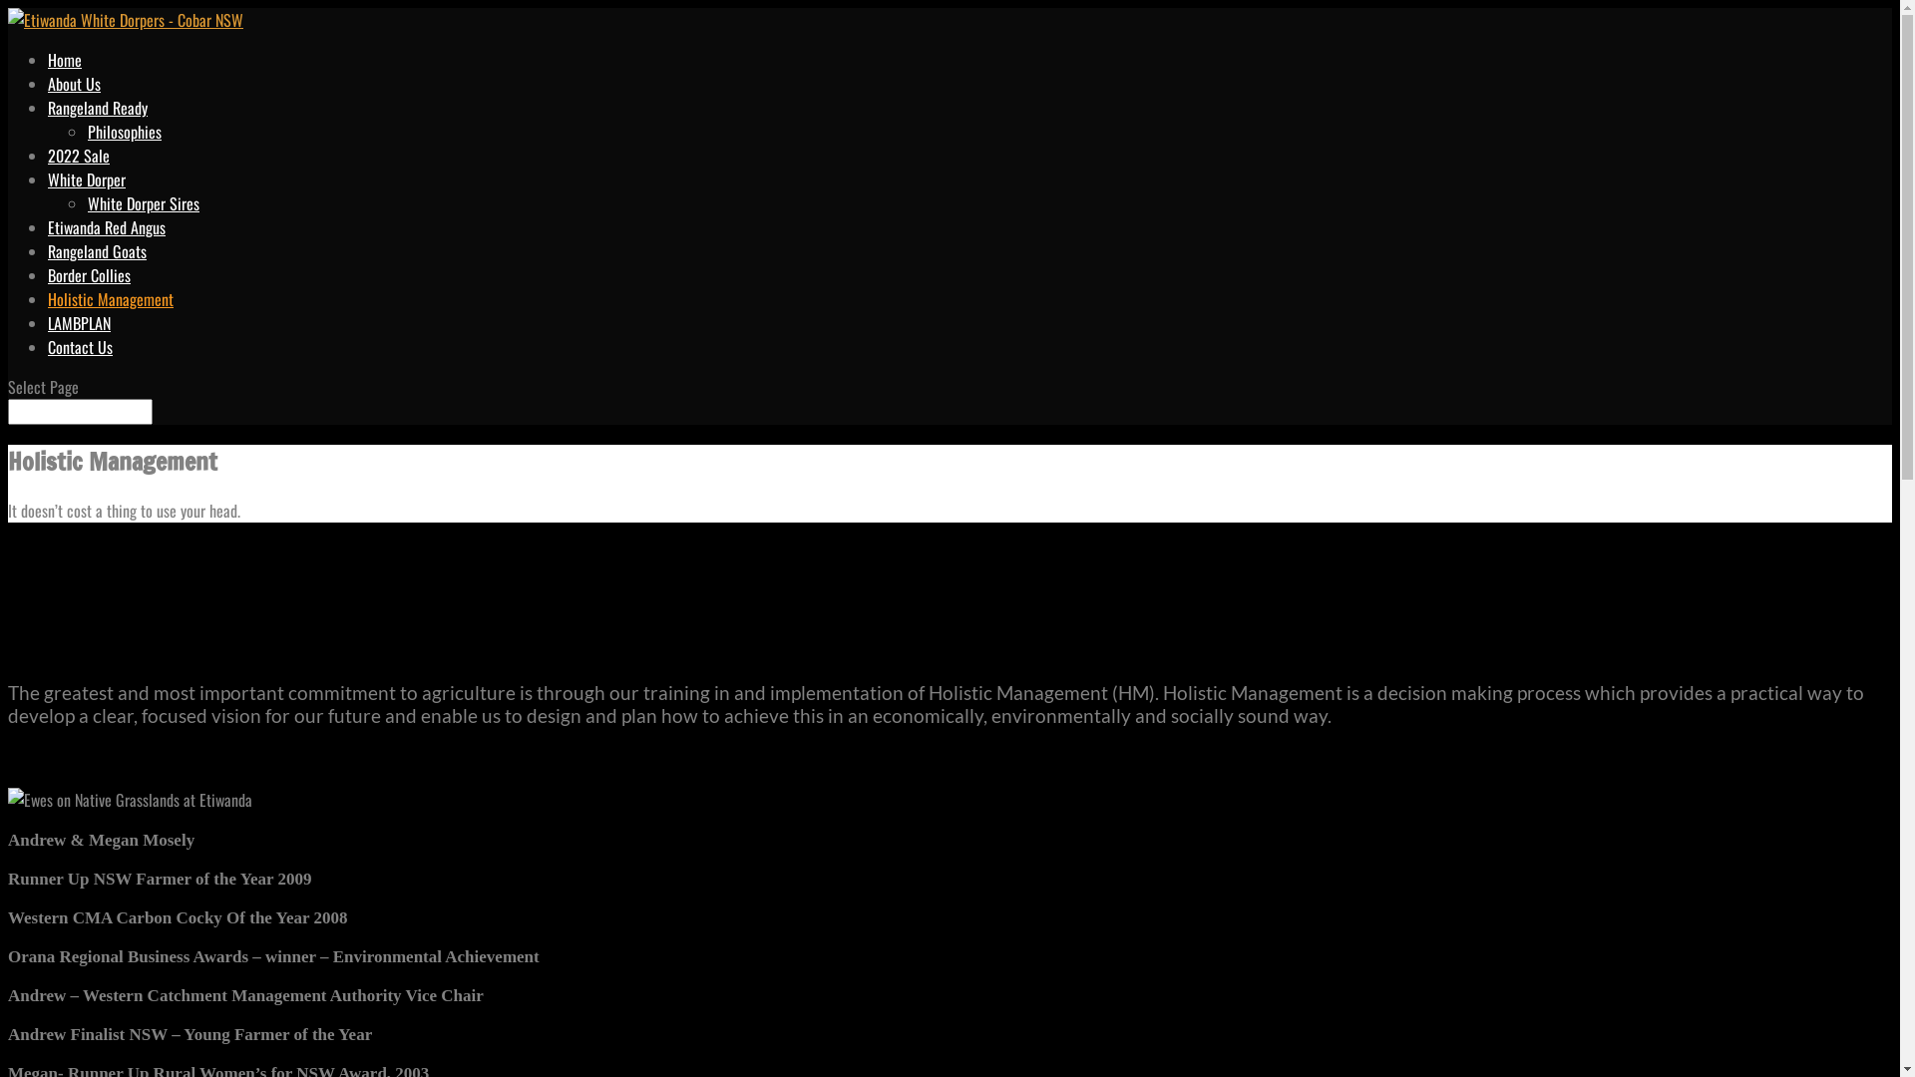 Image resolution: width=1915 pixels, height=1077 pixels. I want to click on 'Philosophies', so click(123, 131).